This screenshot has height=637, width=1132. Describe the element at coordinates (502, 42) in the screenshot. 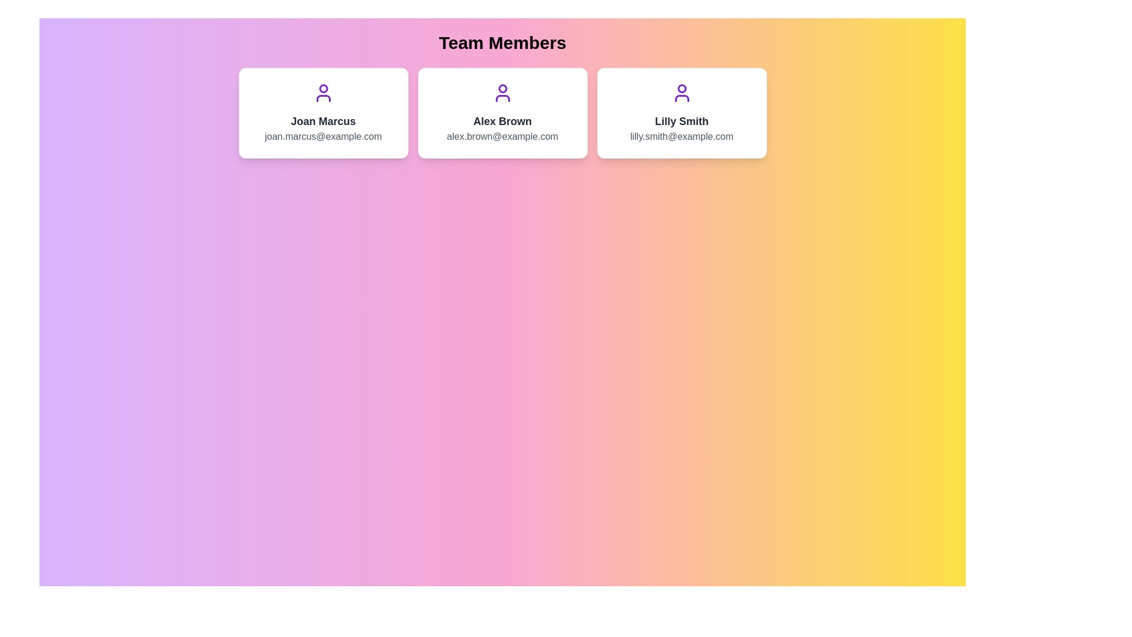

I see `the 'Team Members' heading text, which is bold and large, prominently displayed at the top-center of the section` at that location.